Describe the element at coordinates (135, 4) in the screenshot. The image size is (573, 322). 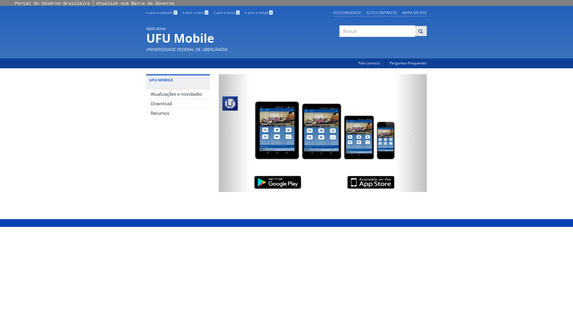
I see `'Atualize sua Barra de Governo'` at that location.